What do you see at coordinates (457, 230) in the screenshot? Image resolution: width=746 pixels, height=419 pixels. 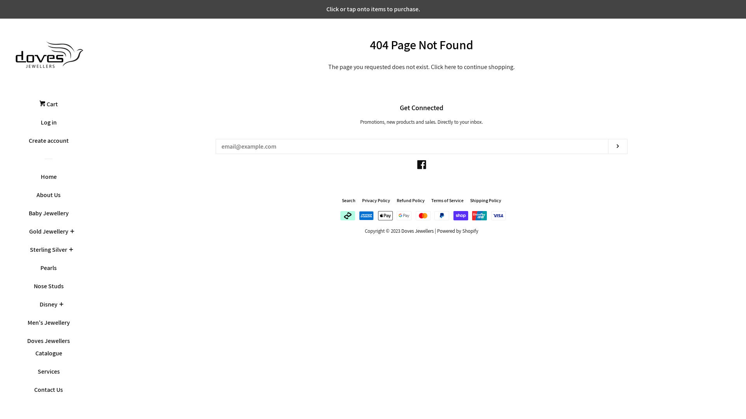 I see `'Powered by Shopify'` at bounding box center [457, 230].